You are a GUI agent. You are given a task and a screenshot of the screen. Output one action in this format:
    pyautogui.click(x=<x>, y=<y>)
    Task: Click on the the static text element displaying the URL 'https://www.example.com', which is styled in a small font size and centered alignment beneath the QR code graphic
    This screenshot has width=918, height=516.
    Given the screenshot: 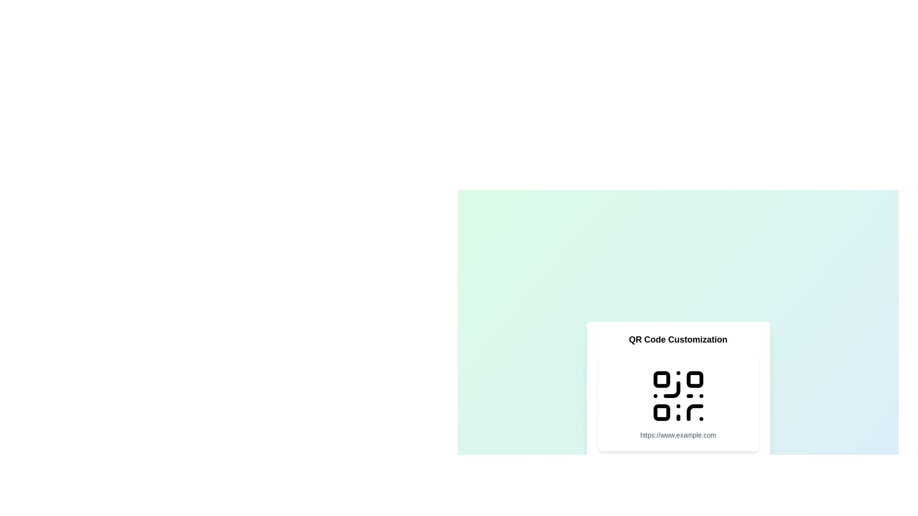 What is the action you would take?
    pyautogui.click(x=678, y=435)
    